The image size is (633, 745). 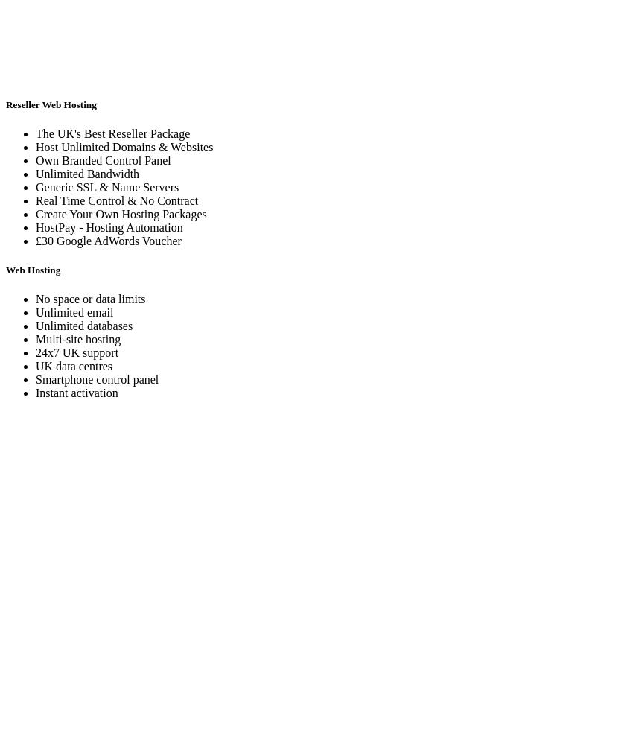 What do you see at coordinates (51, 104) in the screenshot?
I see `'Reseller Web Hosting'` at bounding box center [51, 104].